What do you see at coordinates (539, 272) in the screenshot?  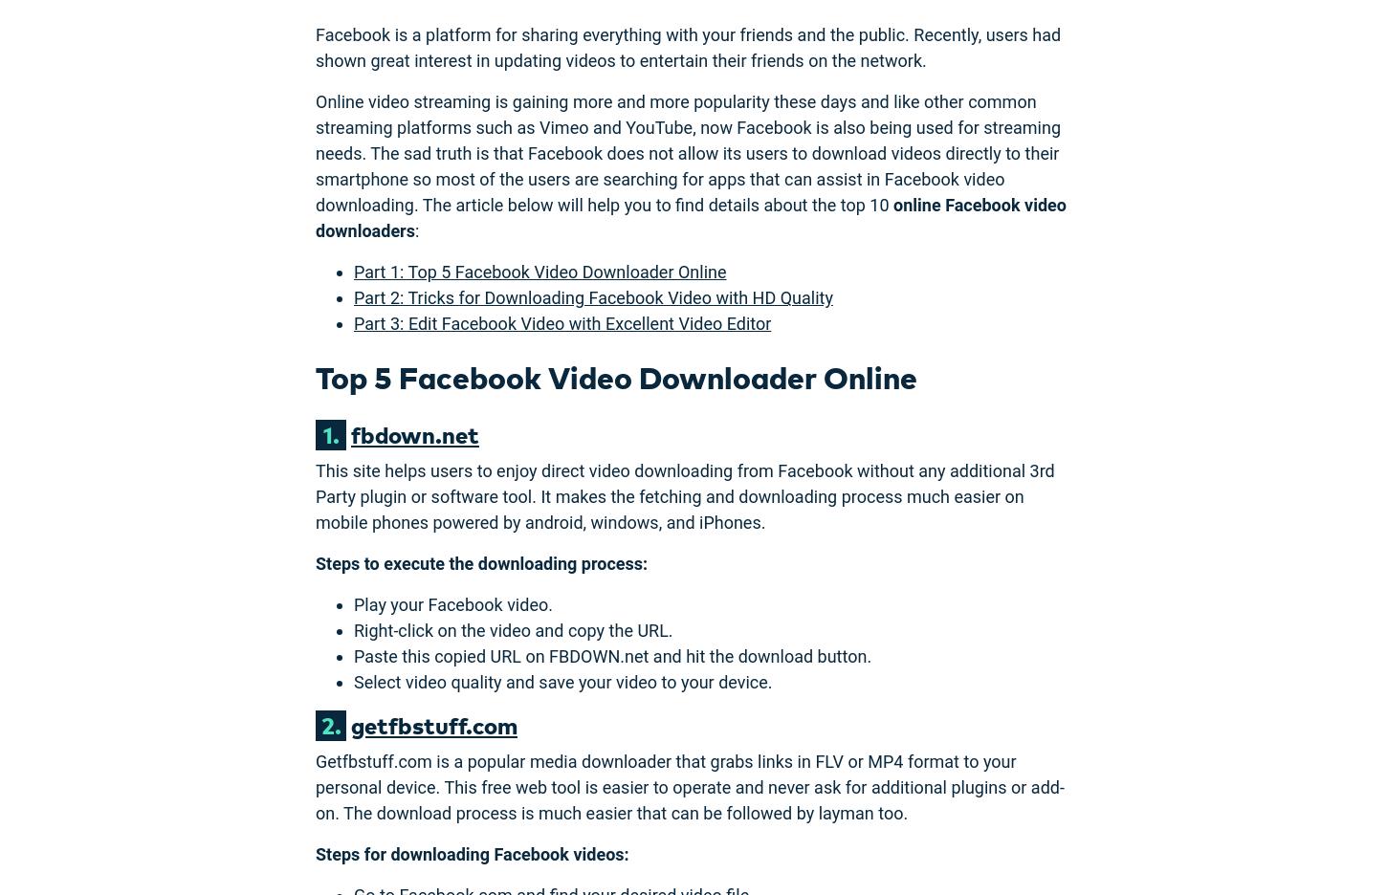 I see `'Part 1: Top 5 Facebook Video Downloader Online'` at bounding box center [539, 272].